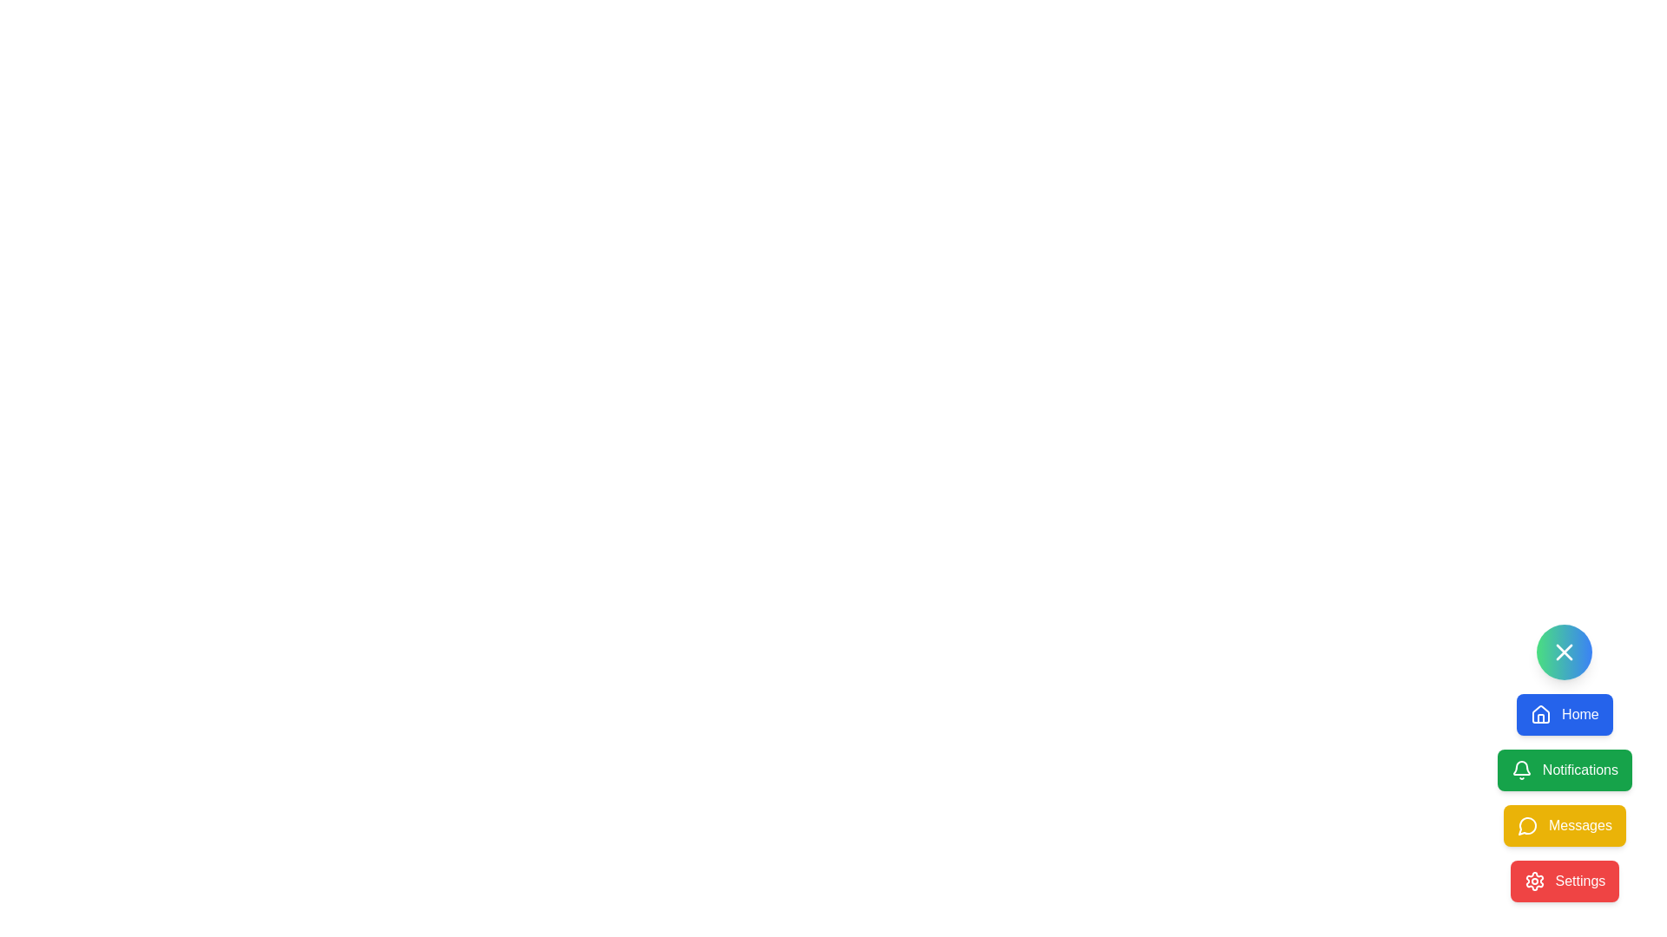 The width and height of the screenshot is (1667, 937). I want to click on the notification icon, which is the second button from the top in the vertical list of buttons, located within the green 'Notifications' button, so click(1520, 767).